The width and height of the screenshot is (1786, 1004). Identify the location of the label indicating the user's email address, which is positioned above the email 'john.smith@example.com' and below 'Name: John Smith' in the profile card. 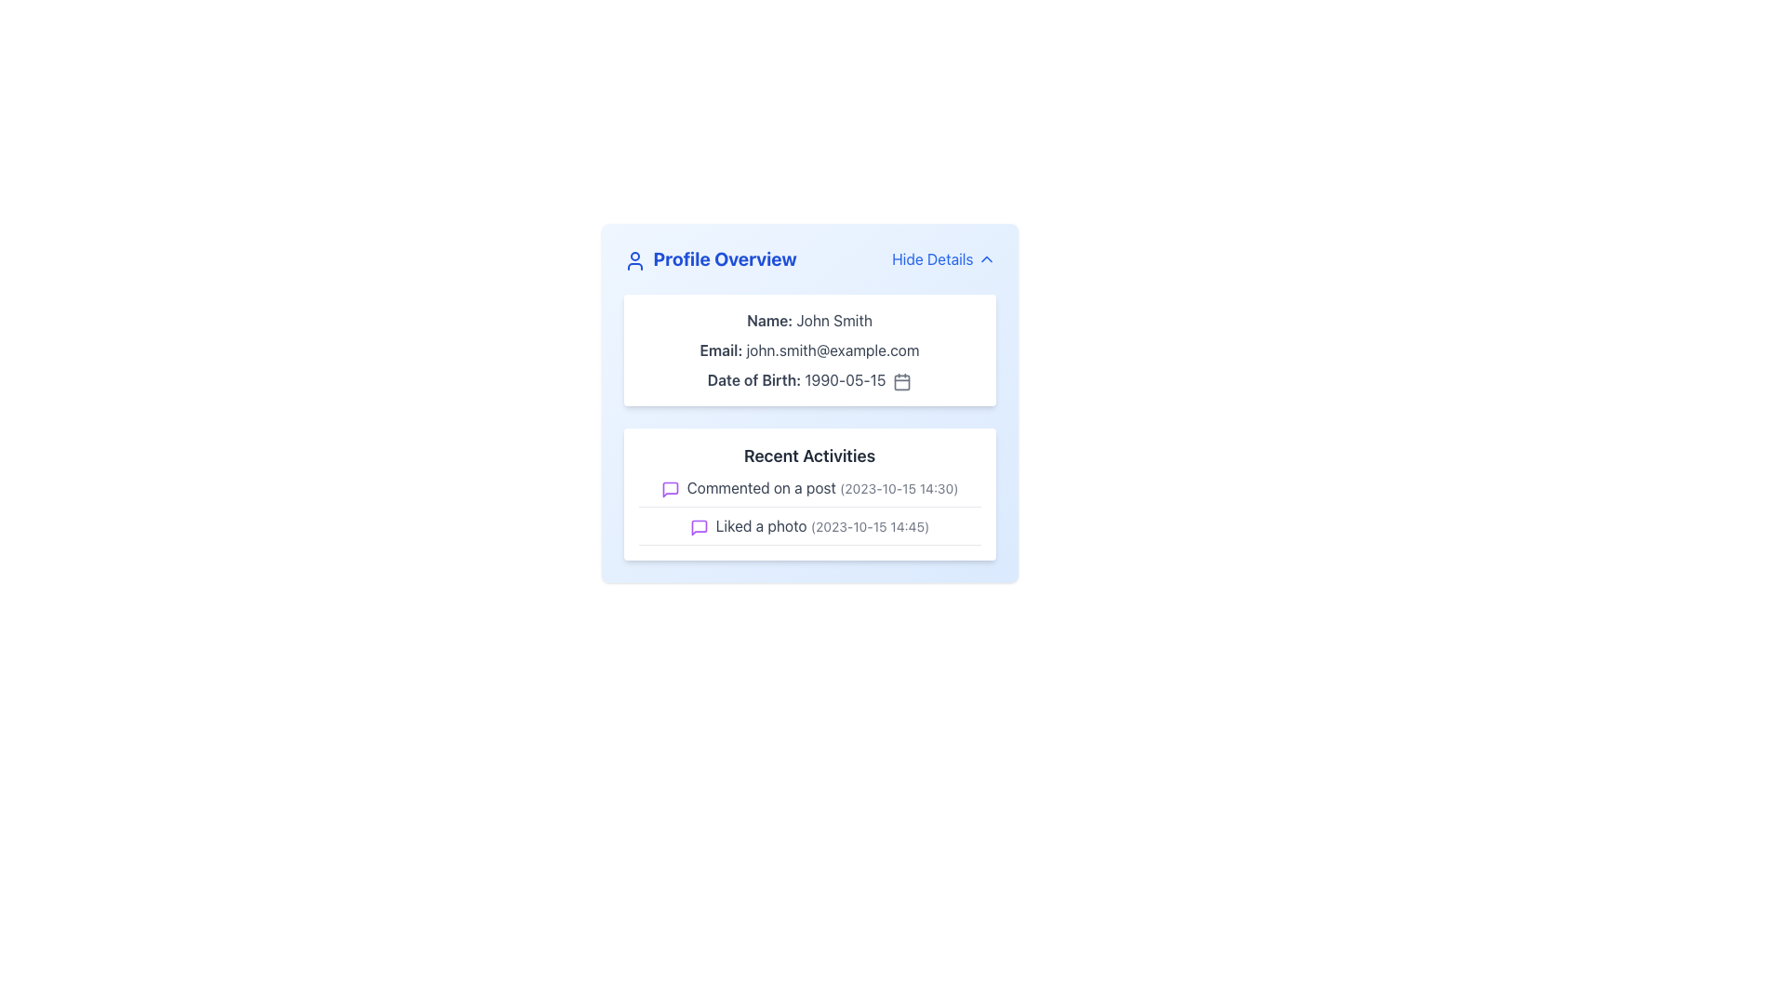
(720, 350).